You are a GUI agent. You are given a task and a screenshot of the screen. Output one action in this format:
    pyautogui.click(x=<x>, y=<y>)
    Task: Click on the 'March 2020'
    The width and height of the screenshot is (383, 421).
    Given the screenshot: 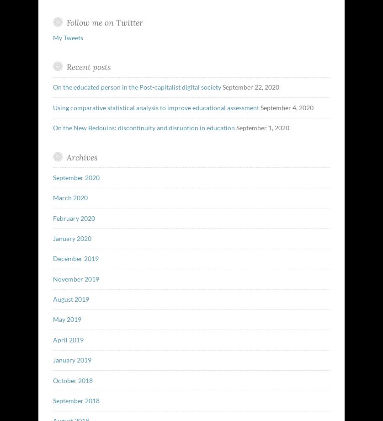 What is the action you would take?
    pyautogui.click(x=70, y=197)
    